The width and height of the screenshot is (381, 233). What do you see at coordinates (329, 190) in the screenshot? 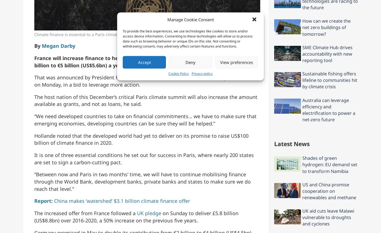
I see `'US and China promise cooperation on renewables and methane'` at bounding box center [329, 190].